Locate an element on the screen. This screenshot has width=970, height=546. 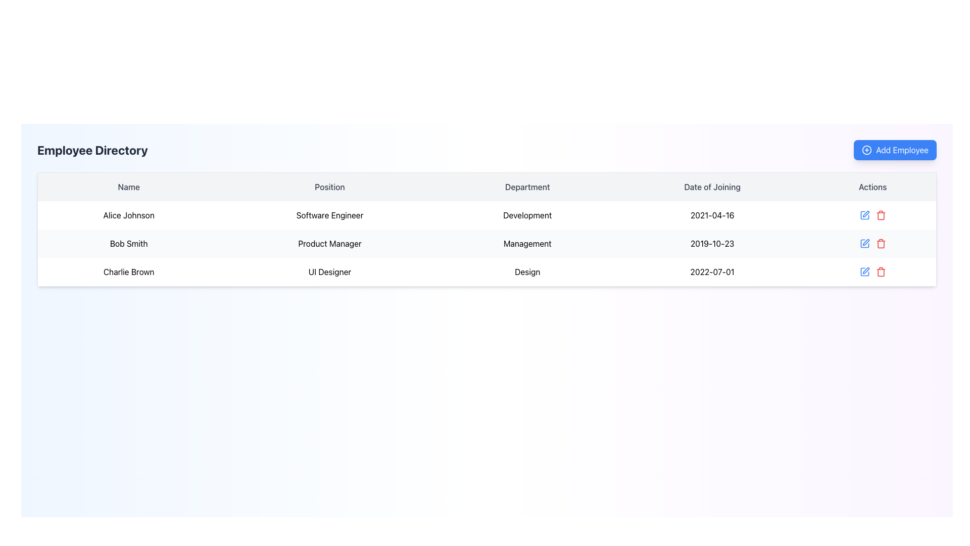
the graphical representation of the circular outline plus icon located within the 'Add Employee' button in the top right corner of the interface is located at coordinates (866, 150).